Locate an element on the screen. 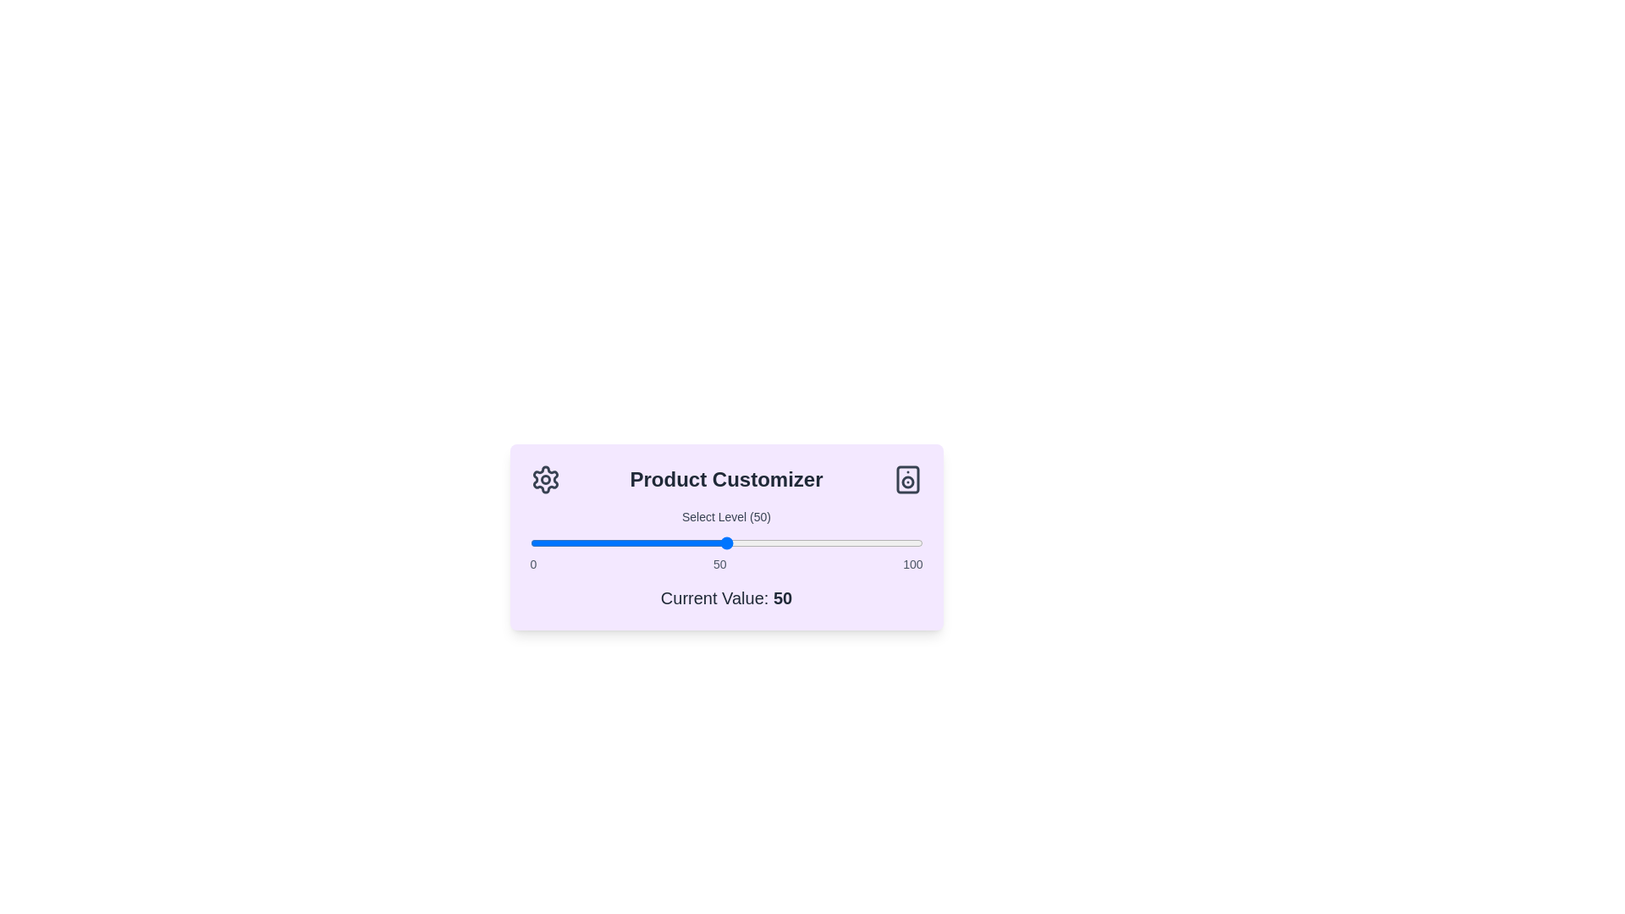 This screenshot has width=1625, height=914. the slider to set the customization level to 78 is located at coordinates (836, 542).